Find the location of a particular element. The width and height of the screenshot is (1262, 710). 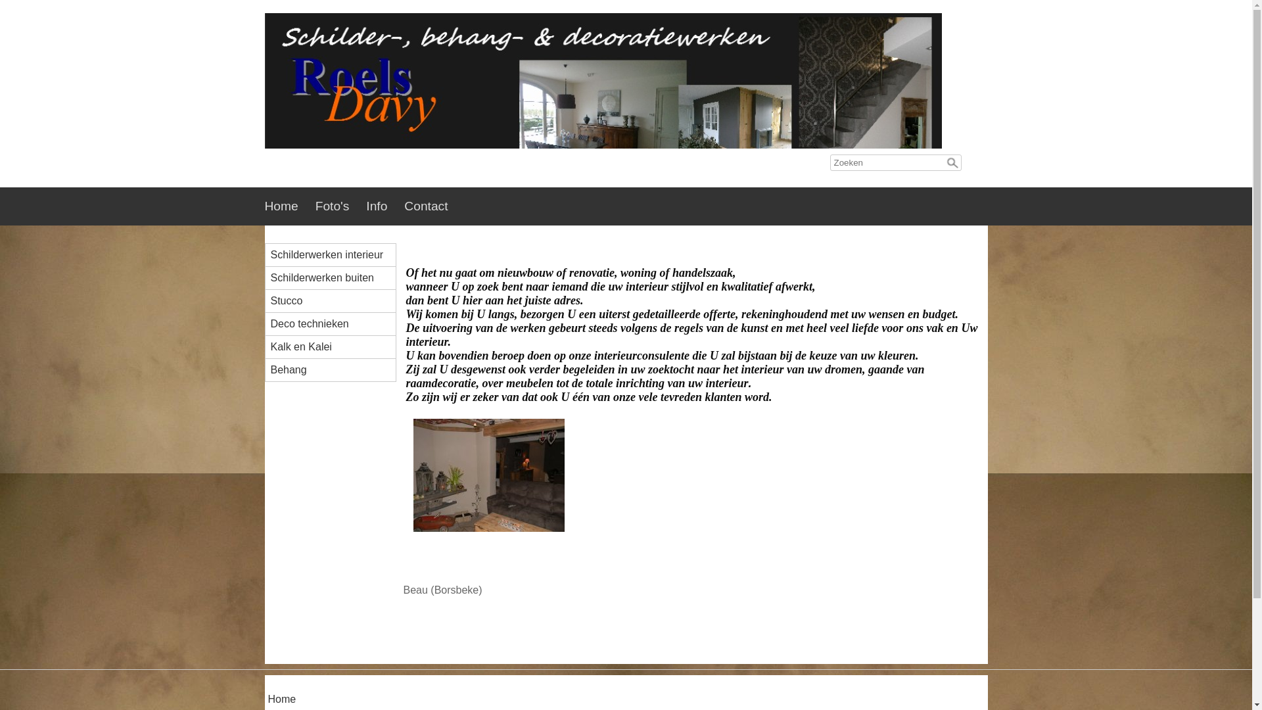

'Schilderwerken interieur' is located at coordinates (335, 255).